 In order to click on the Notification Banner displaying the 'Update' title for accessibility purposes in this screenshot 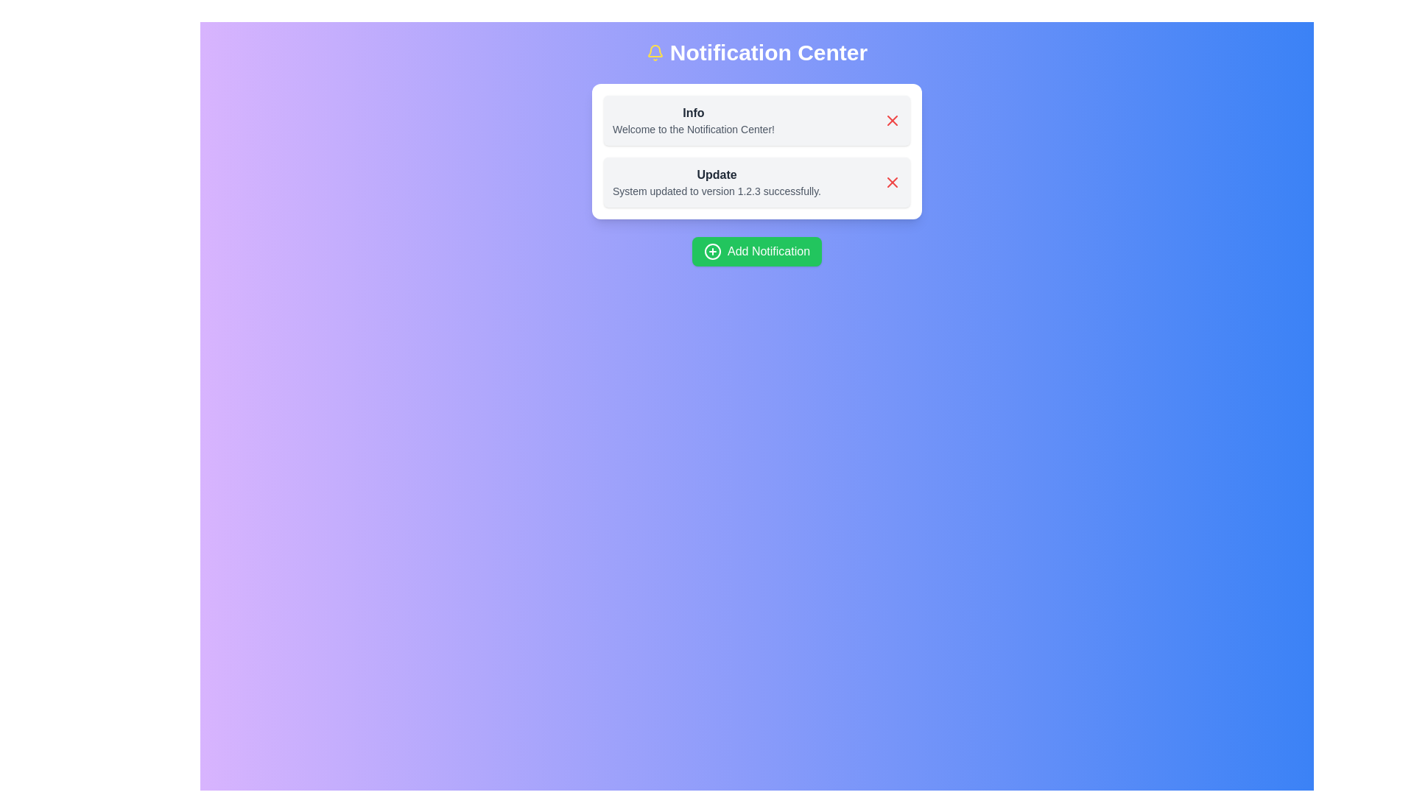, I will do `click(756, 181)`.